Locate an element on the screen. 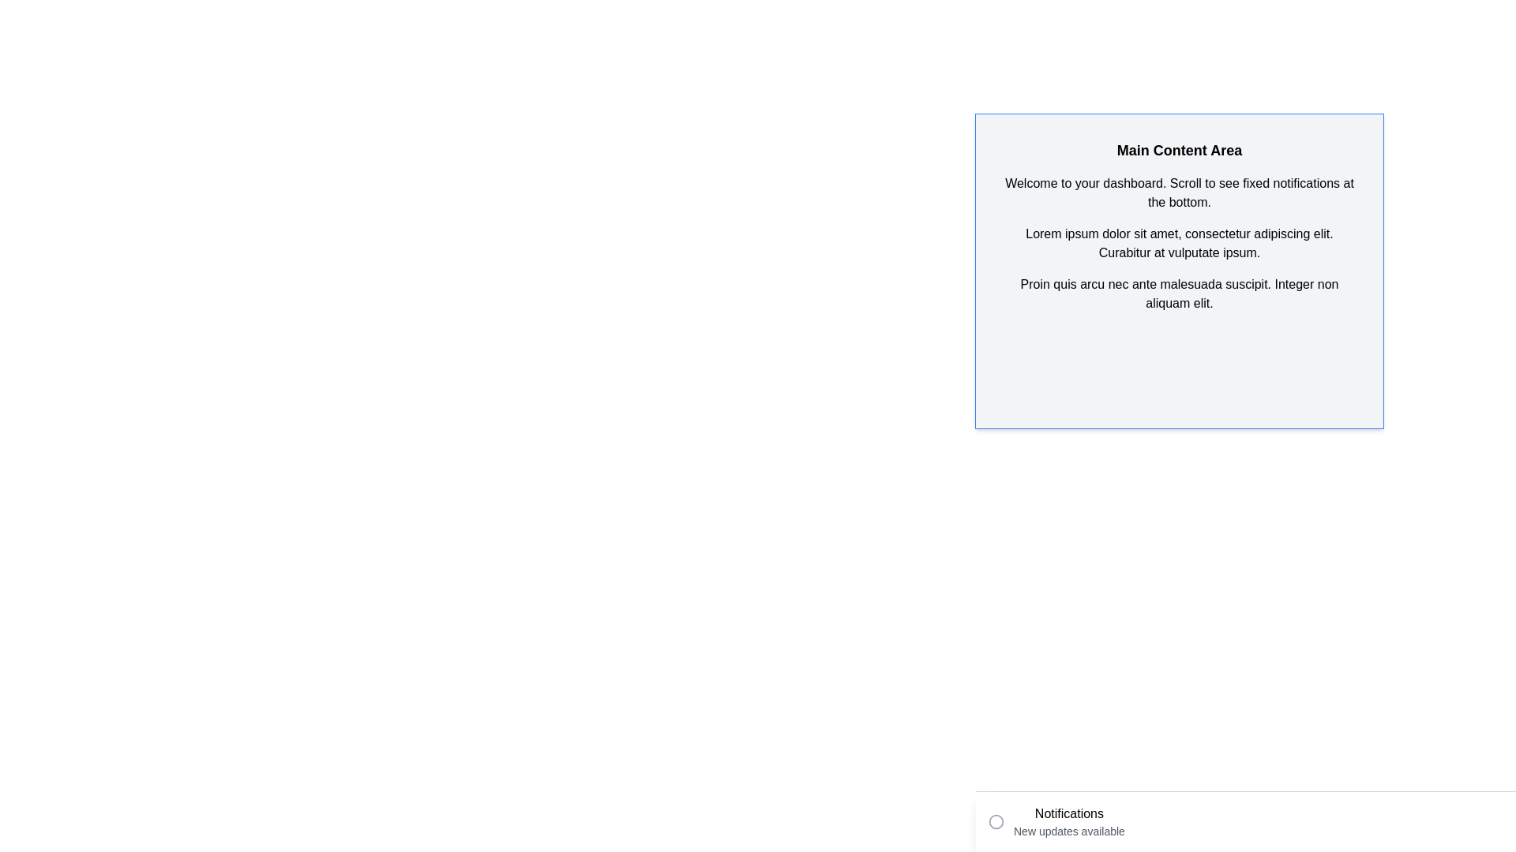 The width and height of the screenshot is (1516, 852). the text label displaying 'New updates available', which is positioned directly beneath the 'Notifications' header is located at coordinates (1069, 830).